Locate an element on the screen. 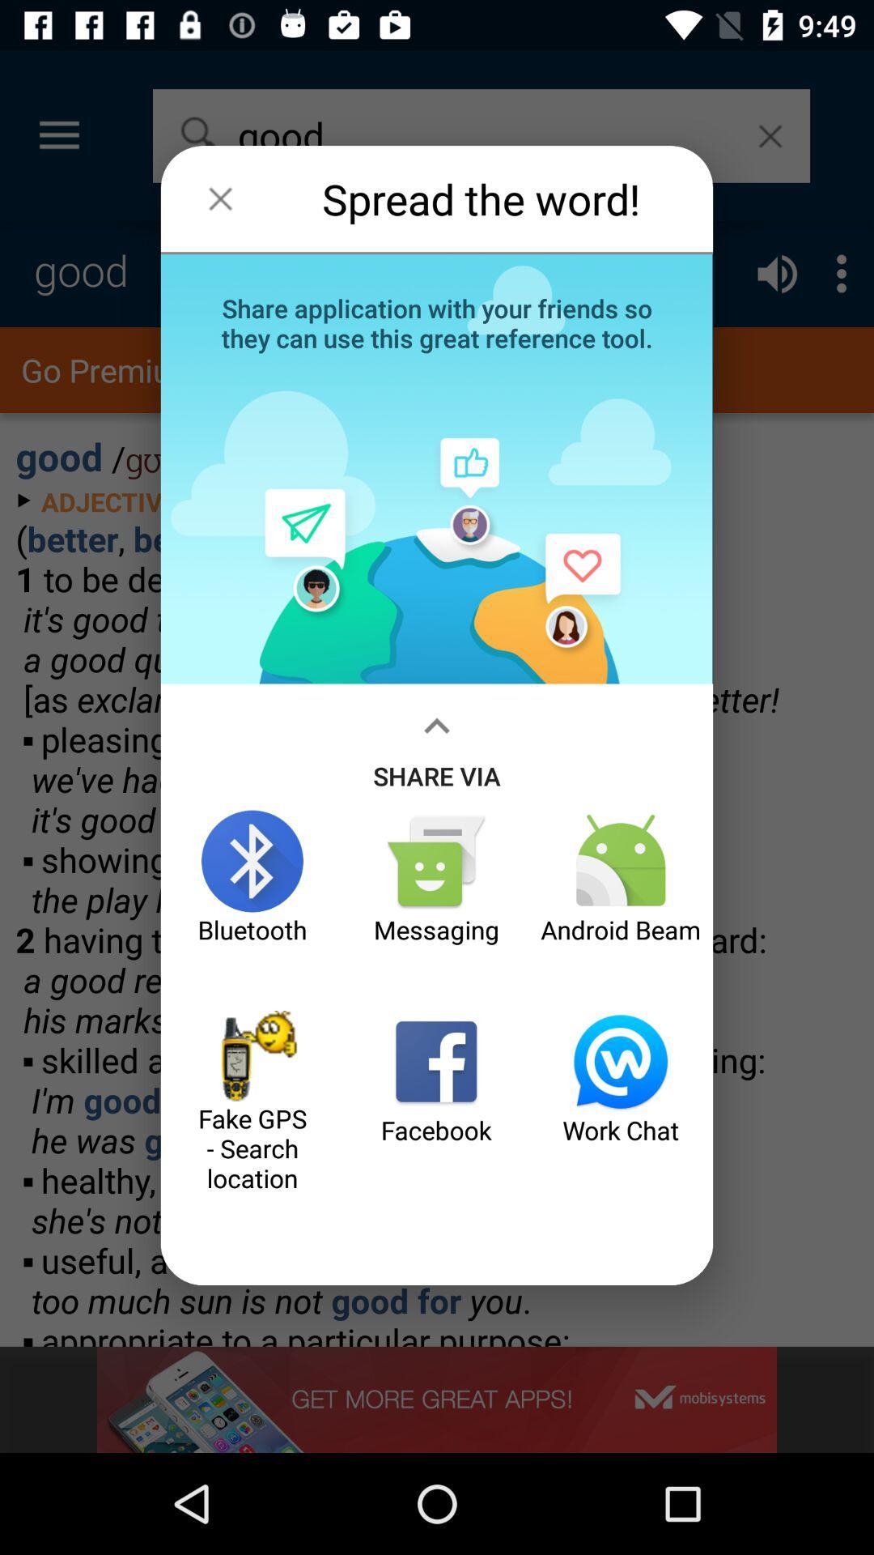 Image resolution: width=874 pixels, height=1555 pixels. the item at the top left corner is located at coordinates (220, 198).